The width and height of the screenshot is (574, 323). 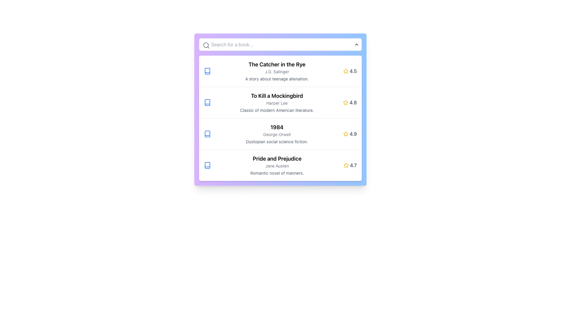 What do you see at coordinates (277, 103) in the screenshot?
I see `the text label displaying 'Harper Lee', which is located beneath the title 'To Kill a Mockingbird' in the structured list layout` at bounding box center [277, 103].